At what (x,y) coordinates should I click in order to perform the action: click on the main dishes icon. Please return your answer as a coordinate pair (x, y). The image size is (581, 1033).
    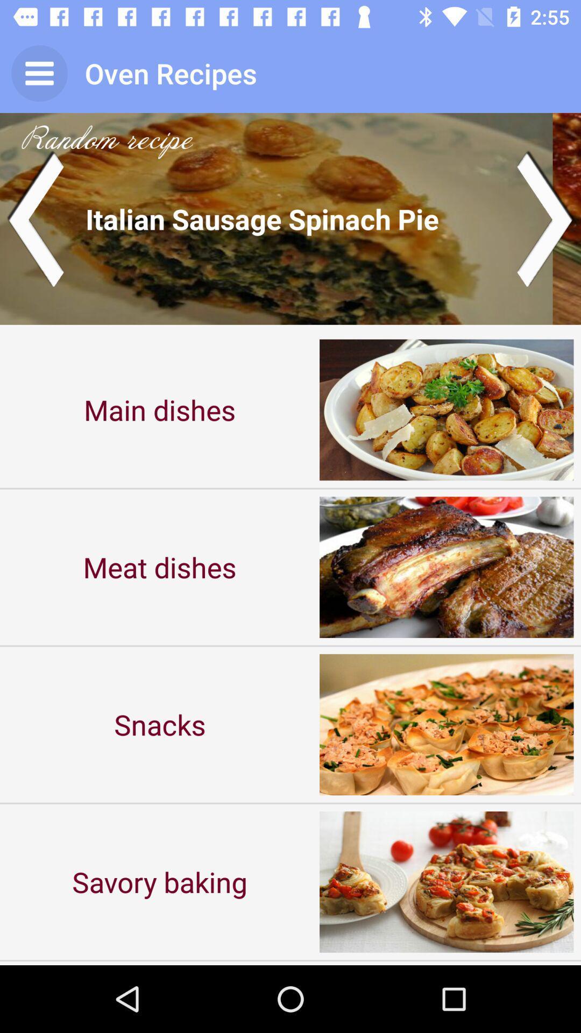
    Looking at the image, I should click on (160, 409).